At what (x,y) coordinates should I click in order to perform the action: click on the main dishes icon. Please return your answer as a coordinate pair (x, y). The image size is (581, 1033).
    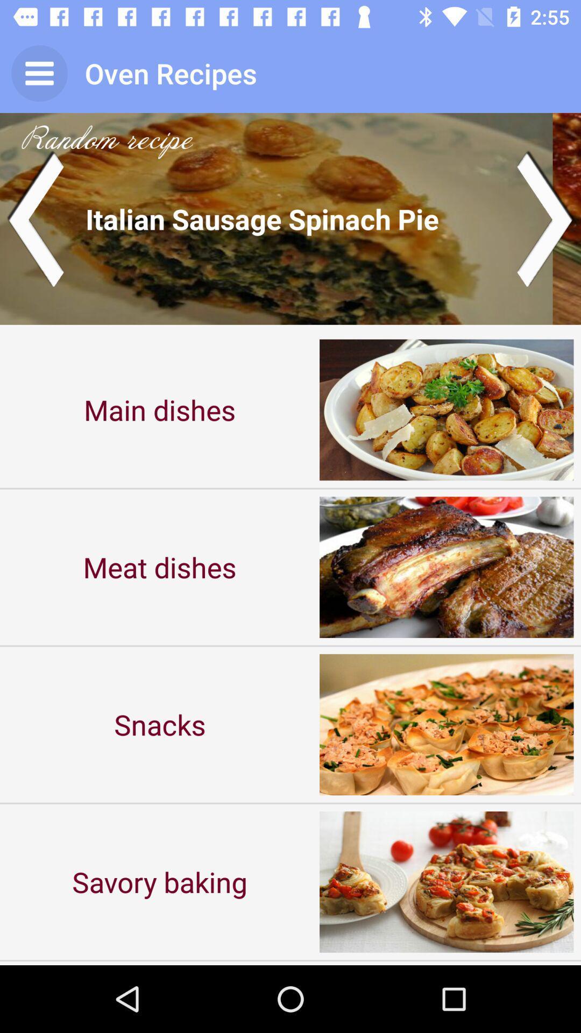
    Looking at the image, I should click on (160, 409).